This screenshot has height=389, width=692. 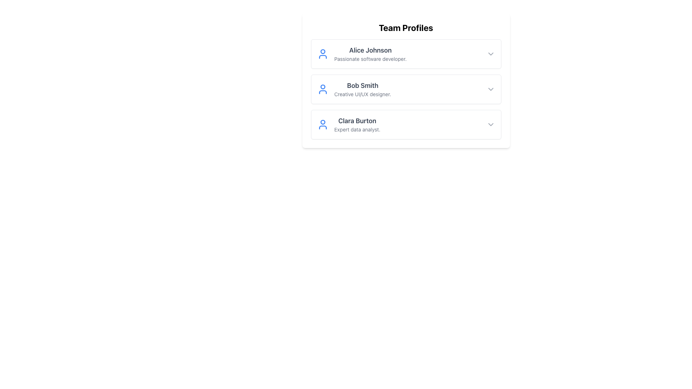 I want to click on the bold, large-sized black text reading 'Team Profiles' at the top-center of the card-like UI component, so click(x=406, y=27).